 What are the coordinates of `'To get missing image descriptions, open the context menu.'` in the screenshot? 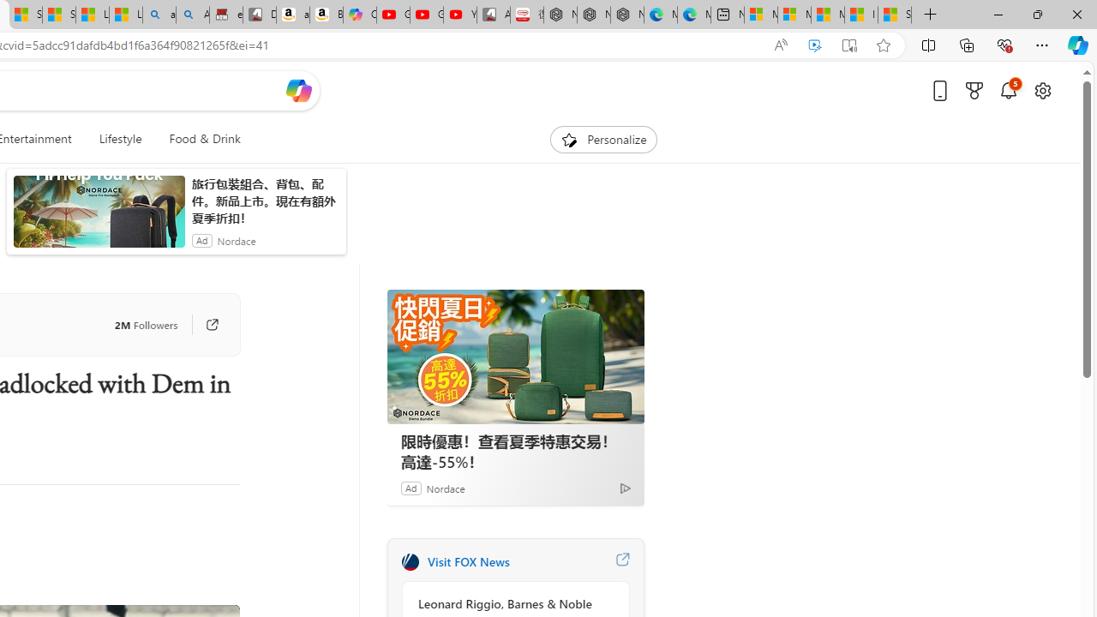 It's located at (569, 138).